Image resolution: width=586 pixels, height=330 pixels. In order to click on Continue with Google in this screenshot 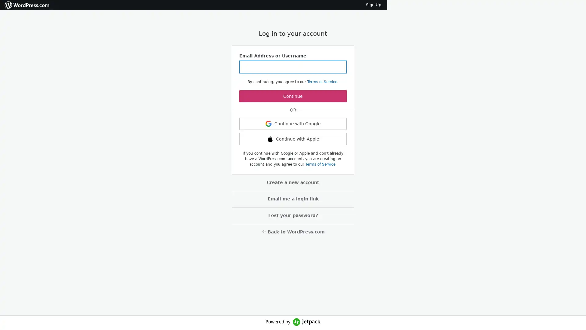, I will do `click(293, 124)`.